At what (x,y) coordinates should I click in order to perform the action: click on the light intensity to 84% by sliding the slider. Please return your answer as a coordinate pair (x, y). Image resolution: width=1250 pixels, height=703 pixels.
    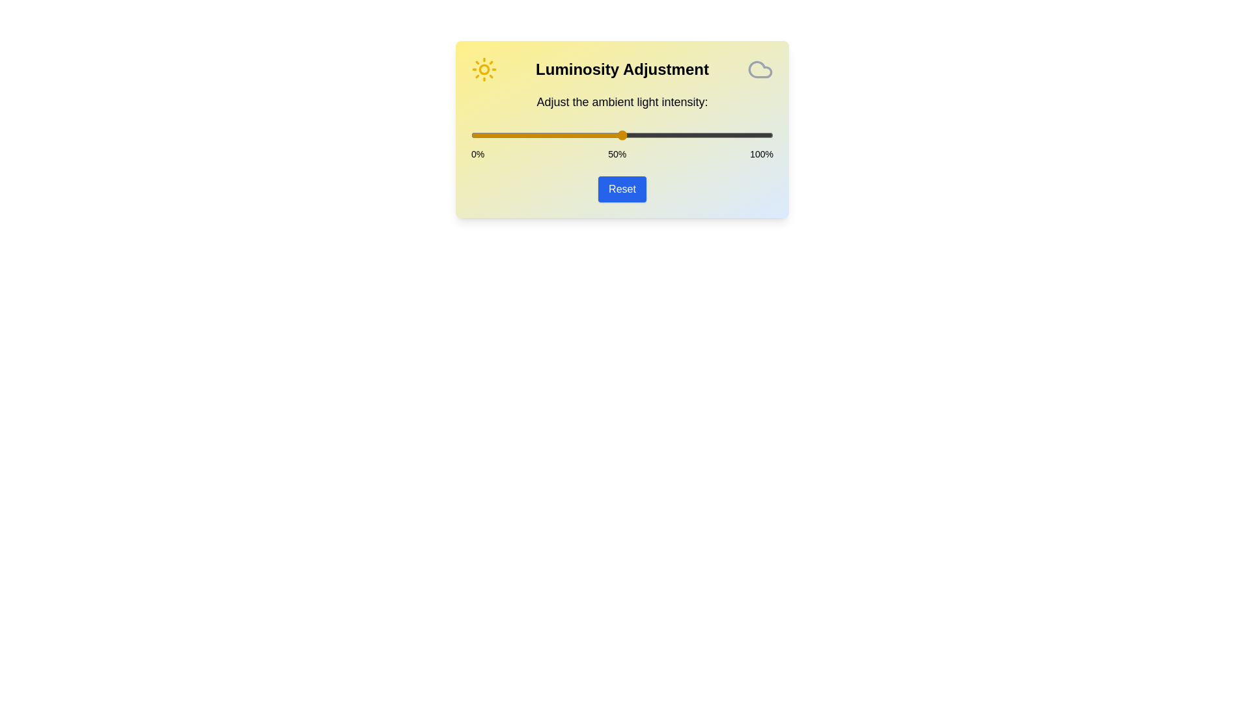
    Looking at the image, I should click on (724, 135).